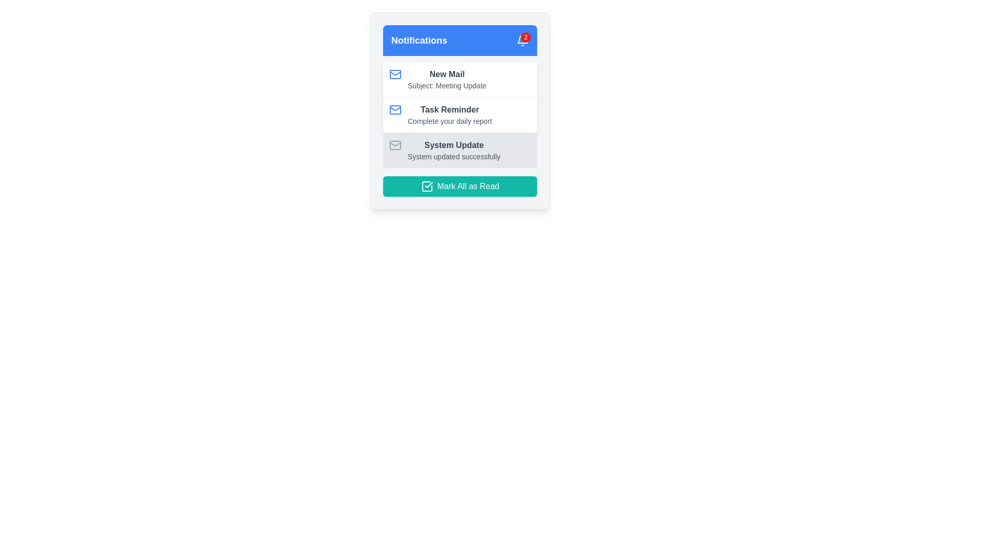 Image resolution: width=986 pixels, height=555 pixels. What do you see at coordinates (460, 186) in the screenshot?
I see `the button located at the bottom edge of the notification card to mark all notifications as read` at bounding box center [460, 186].